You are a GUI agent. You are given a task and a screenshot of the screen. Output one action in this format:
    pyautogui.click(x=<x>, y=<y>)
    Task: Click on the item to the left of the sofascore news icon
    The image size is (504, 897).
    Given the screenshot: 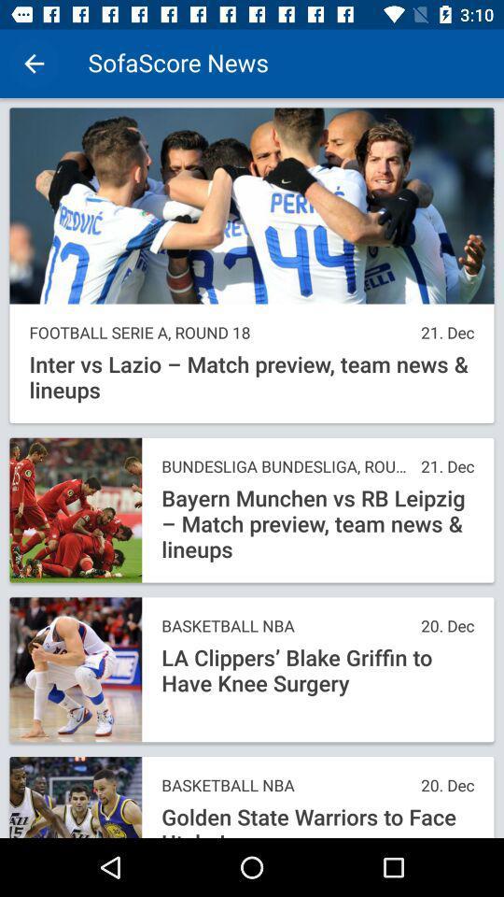 What is the action you would take?
    pyautogui.click(x=34, y=64)
    